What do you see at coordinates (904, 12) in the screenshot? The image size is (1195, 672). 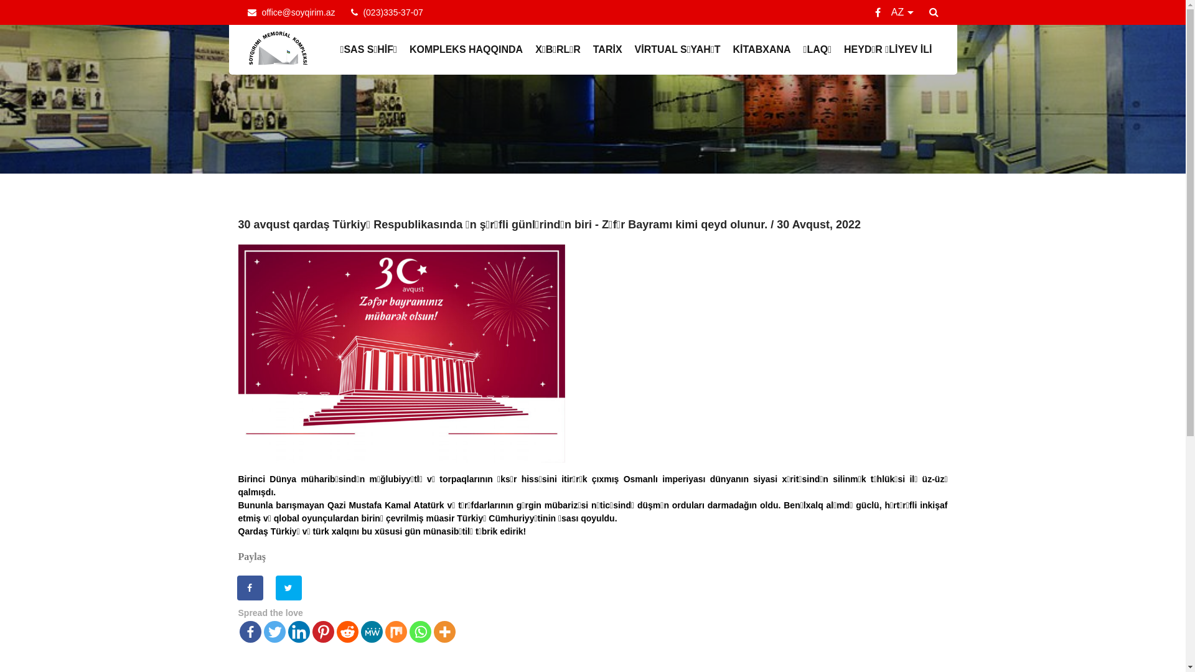 I see `'AZ'` at bounding box center [904, 12].